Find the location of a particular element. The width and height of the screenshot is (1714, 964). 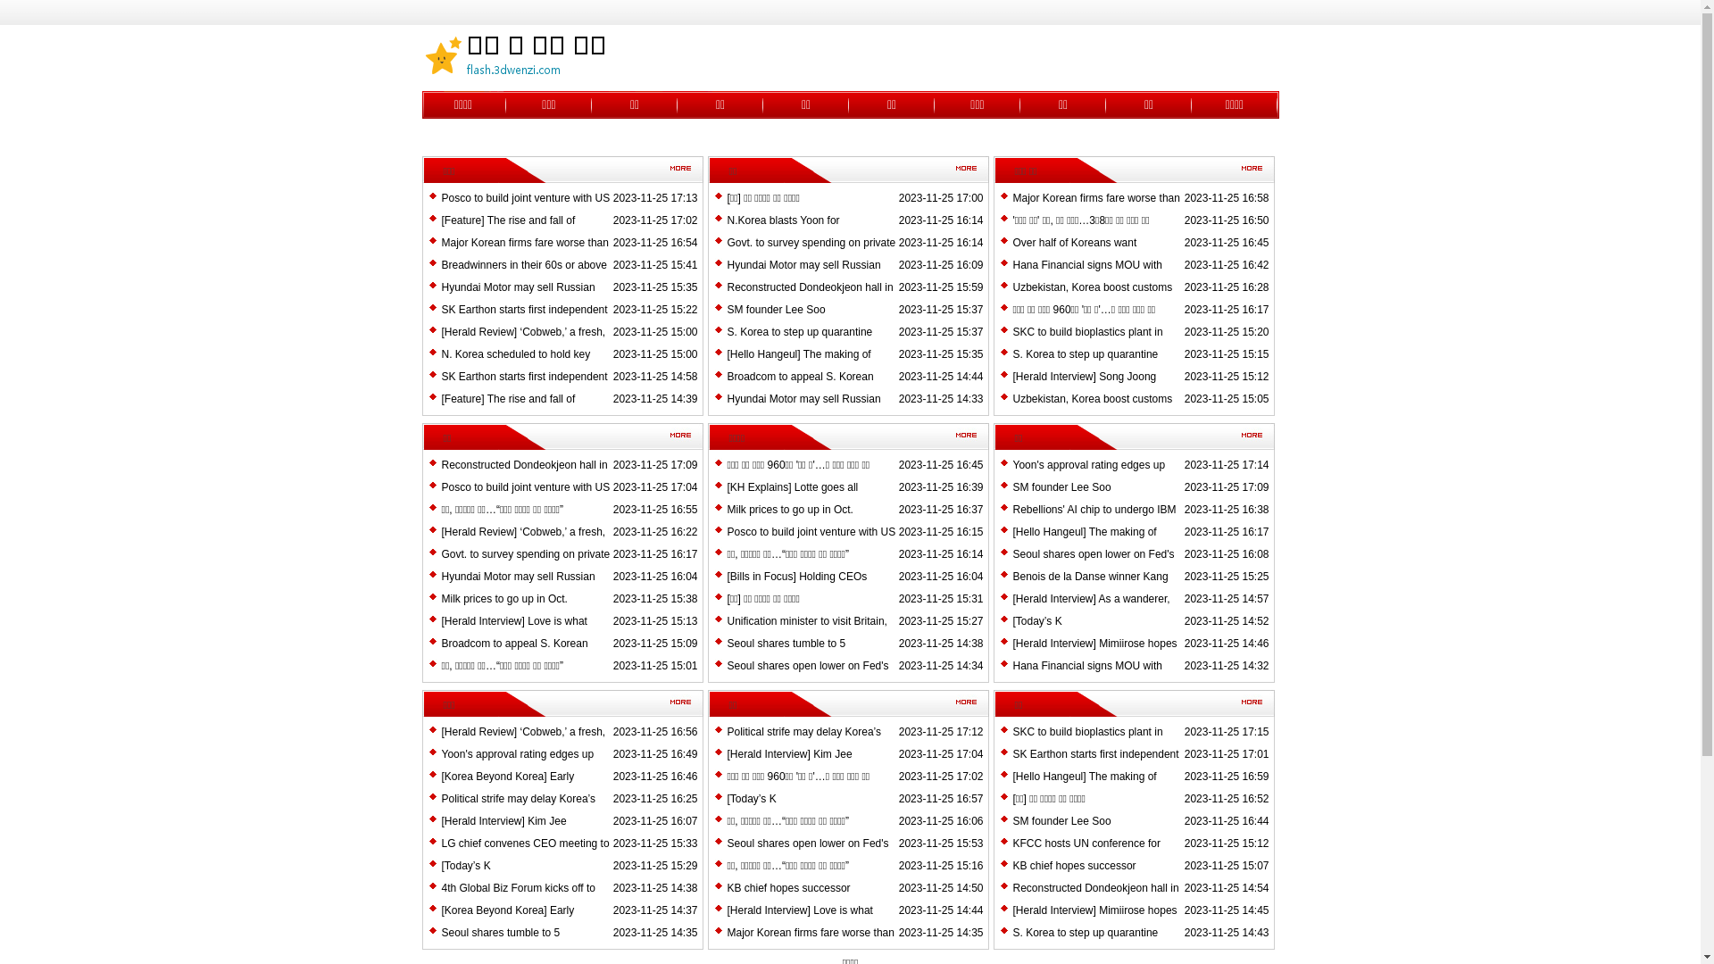

'4th Global Biz Forum kicks off to discuss 'next prosperity'' is located at coordinates (517, 898).